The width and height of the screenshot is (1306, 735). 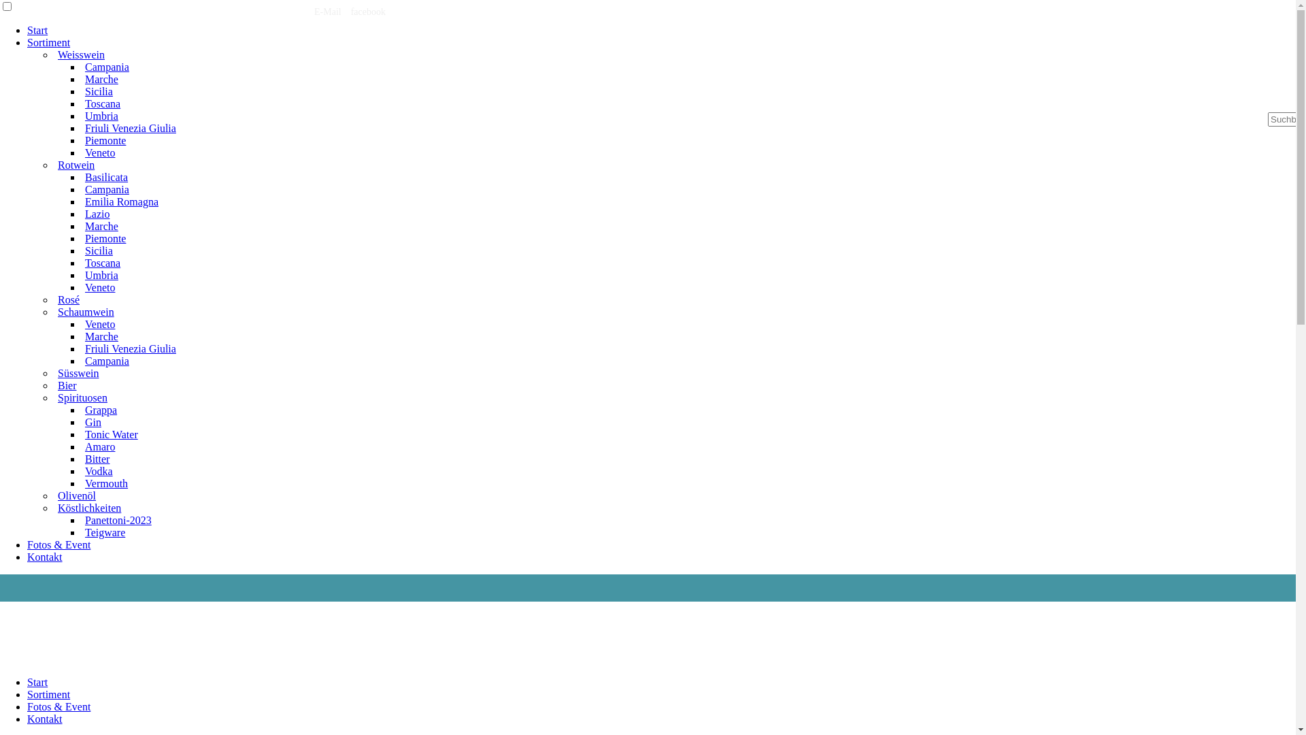 I want to click on 'Marche', so click(x=101, y=225).